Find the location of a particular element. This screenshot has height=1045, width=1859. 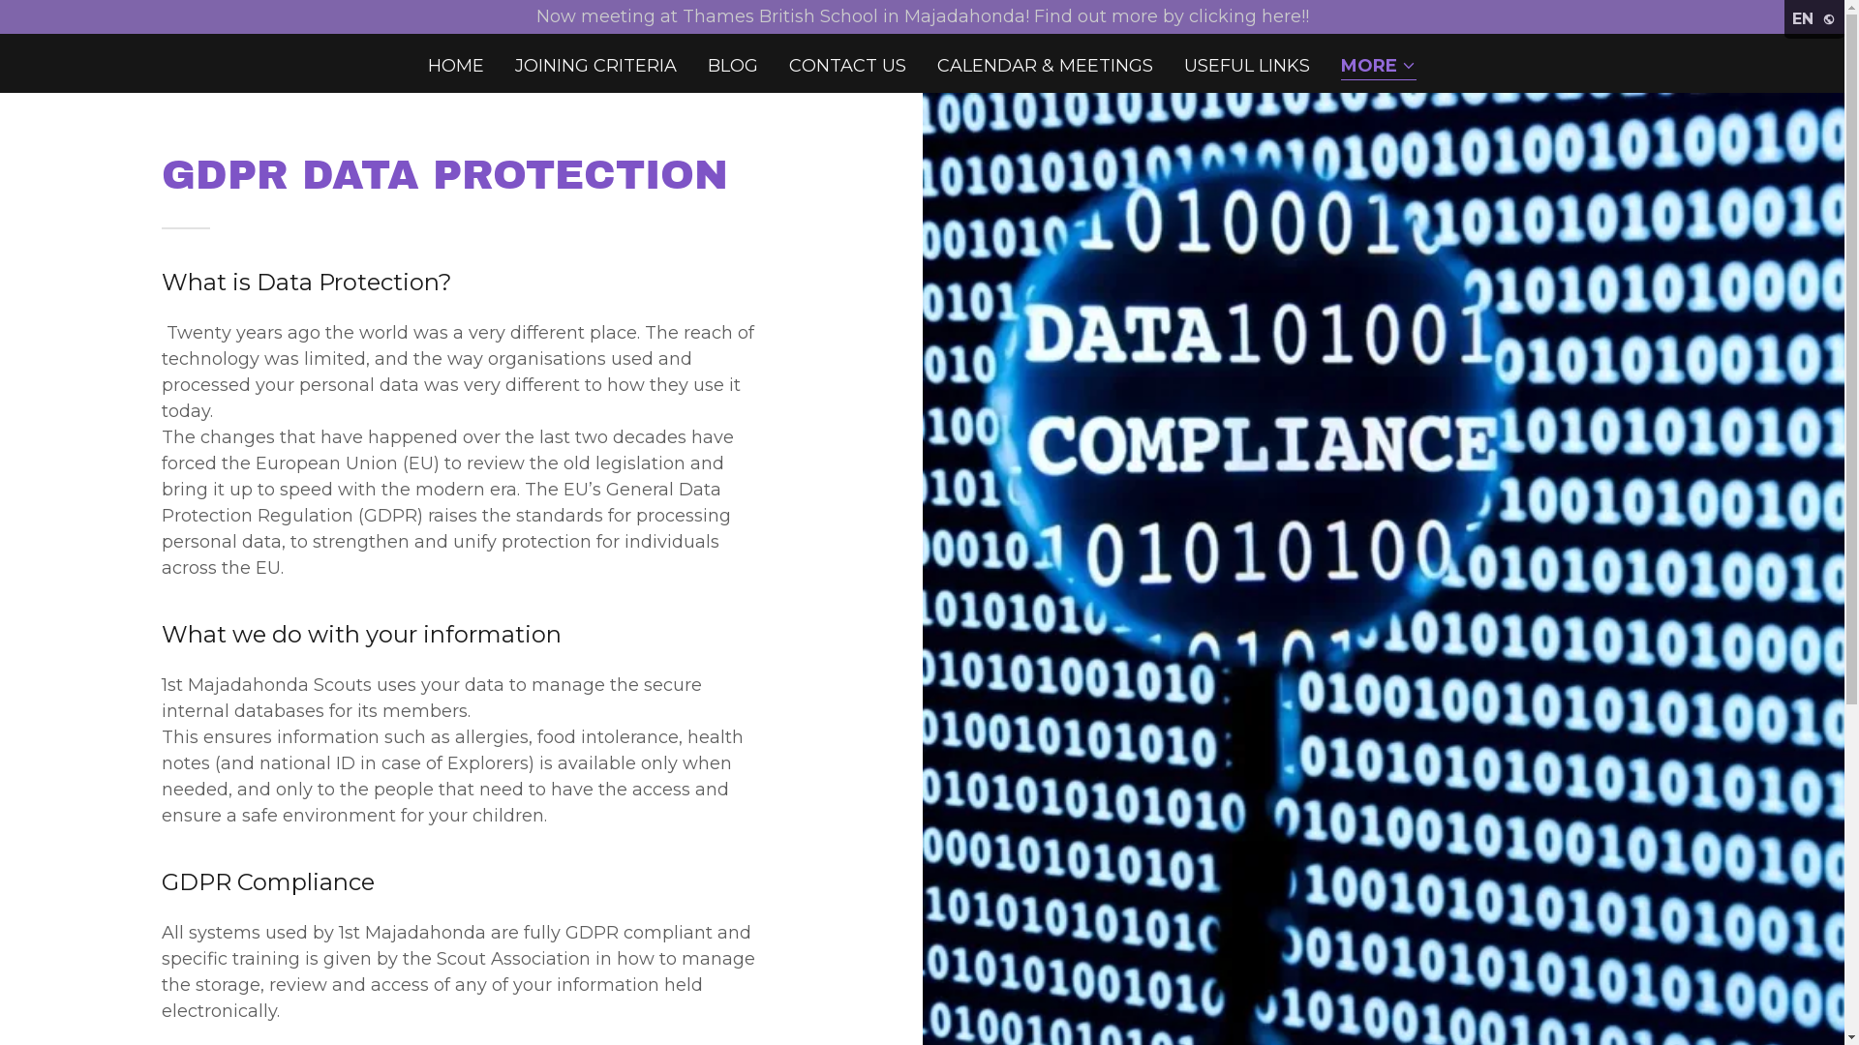

'JOINING CRITERIA' is located at coordinates (594, 65).